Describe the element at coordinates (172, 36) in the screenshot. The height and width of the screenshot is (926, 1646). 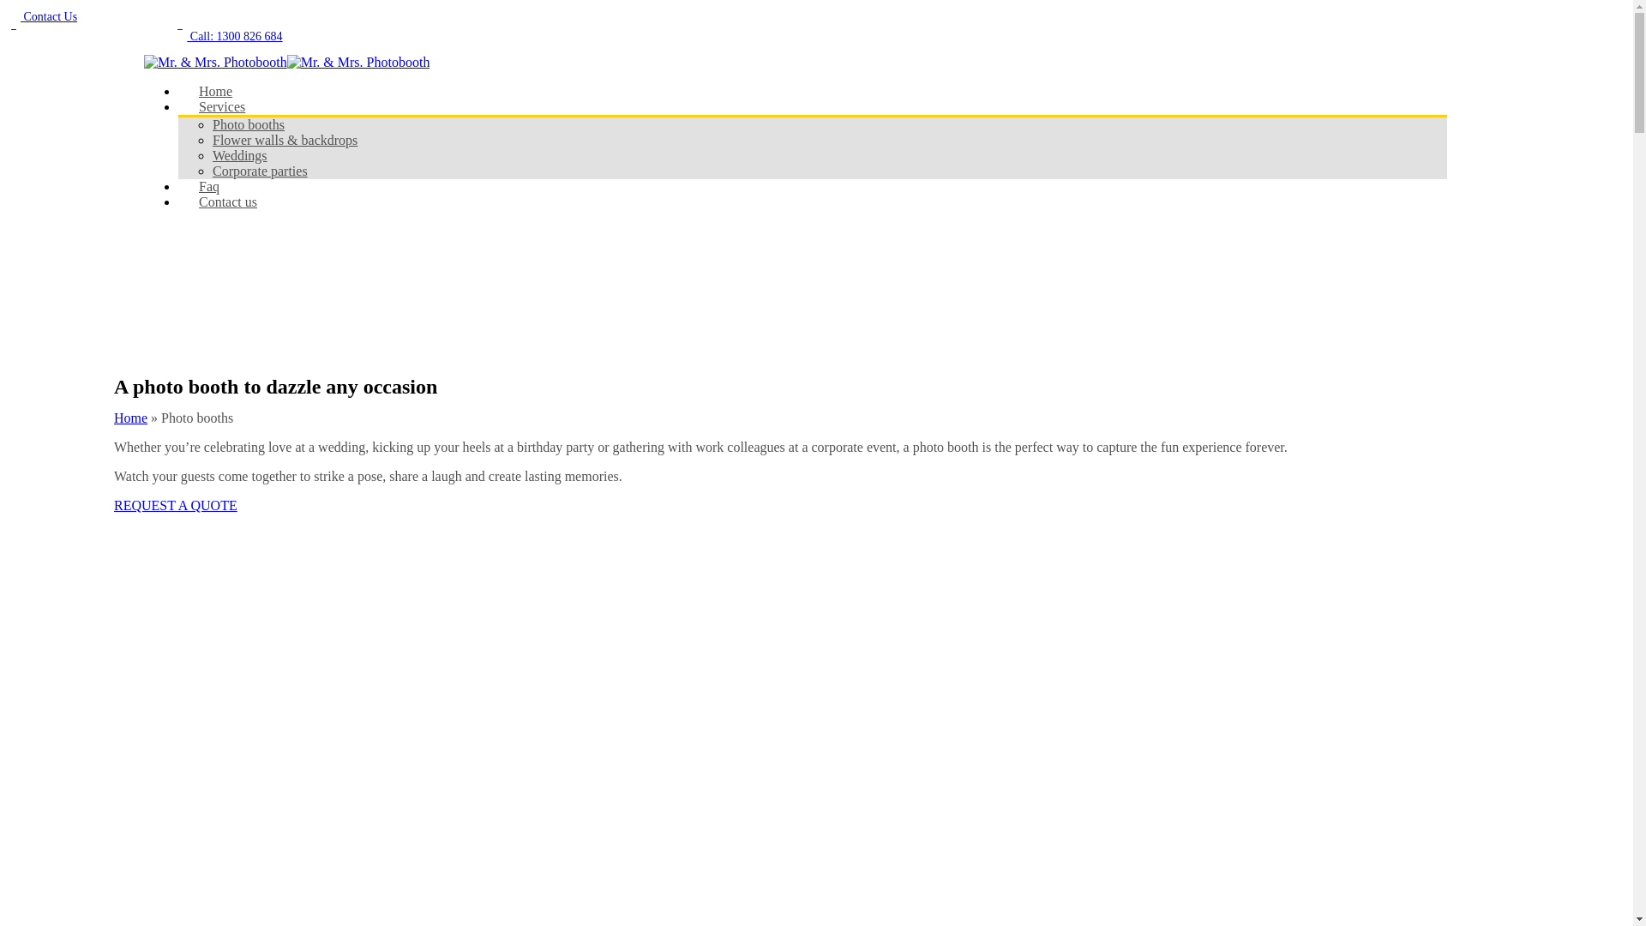
I see `'Call: 1300 826 684'` at that location.